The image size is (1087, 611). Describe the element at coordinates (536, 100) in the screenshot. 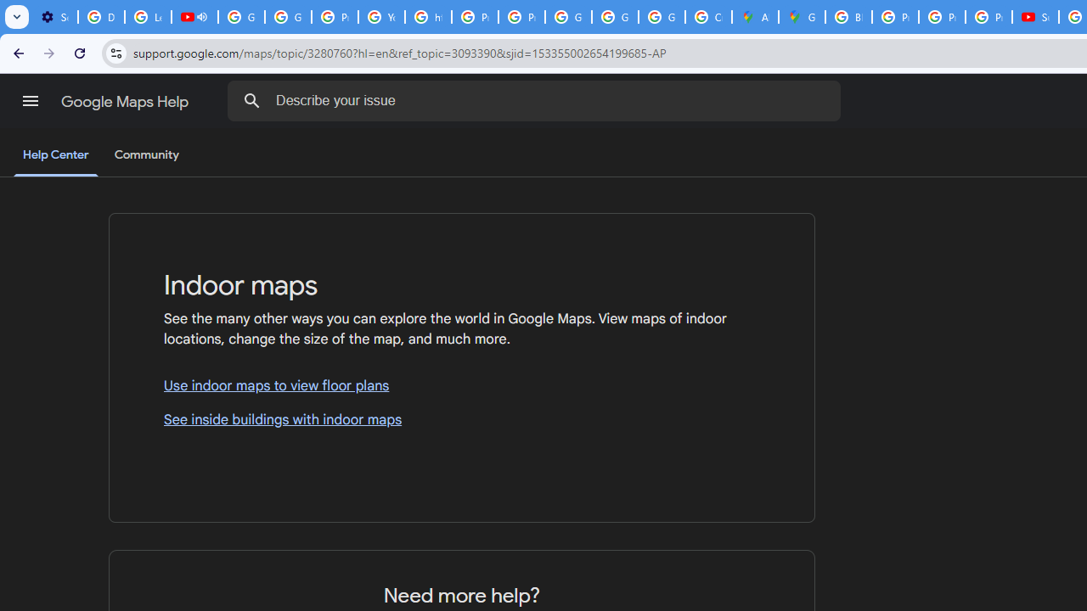

I see `'Describe your issue'` at that location.